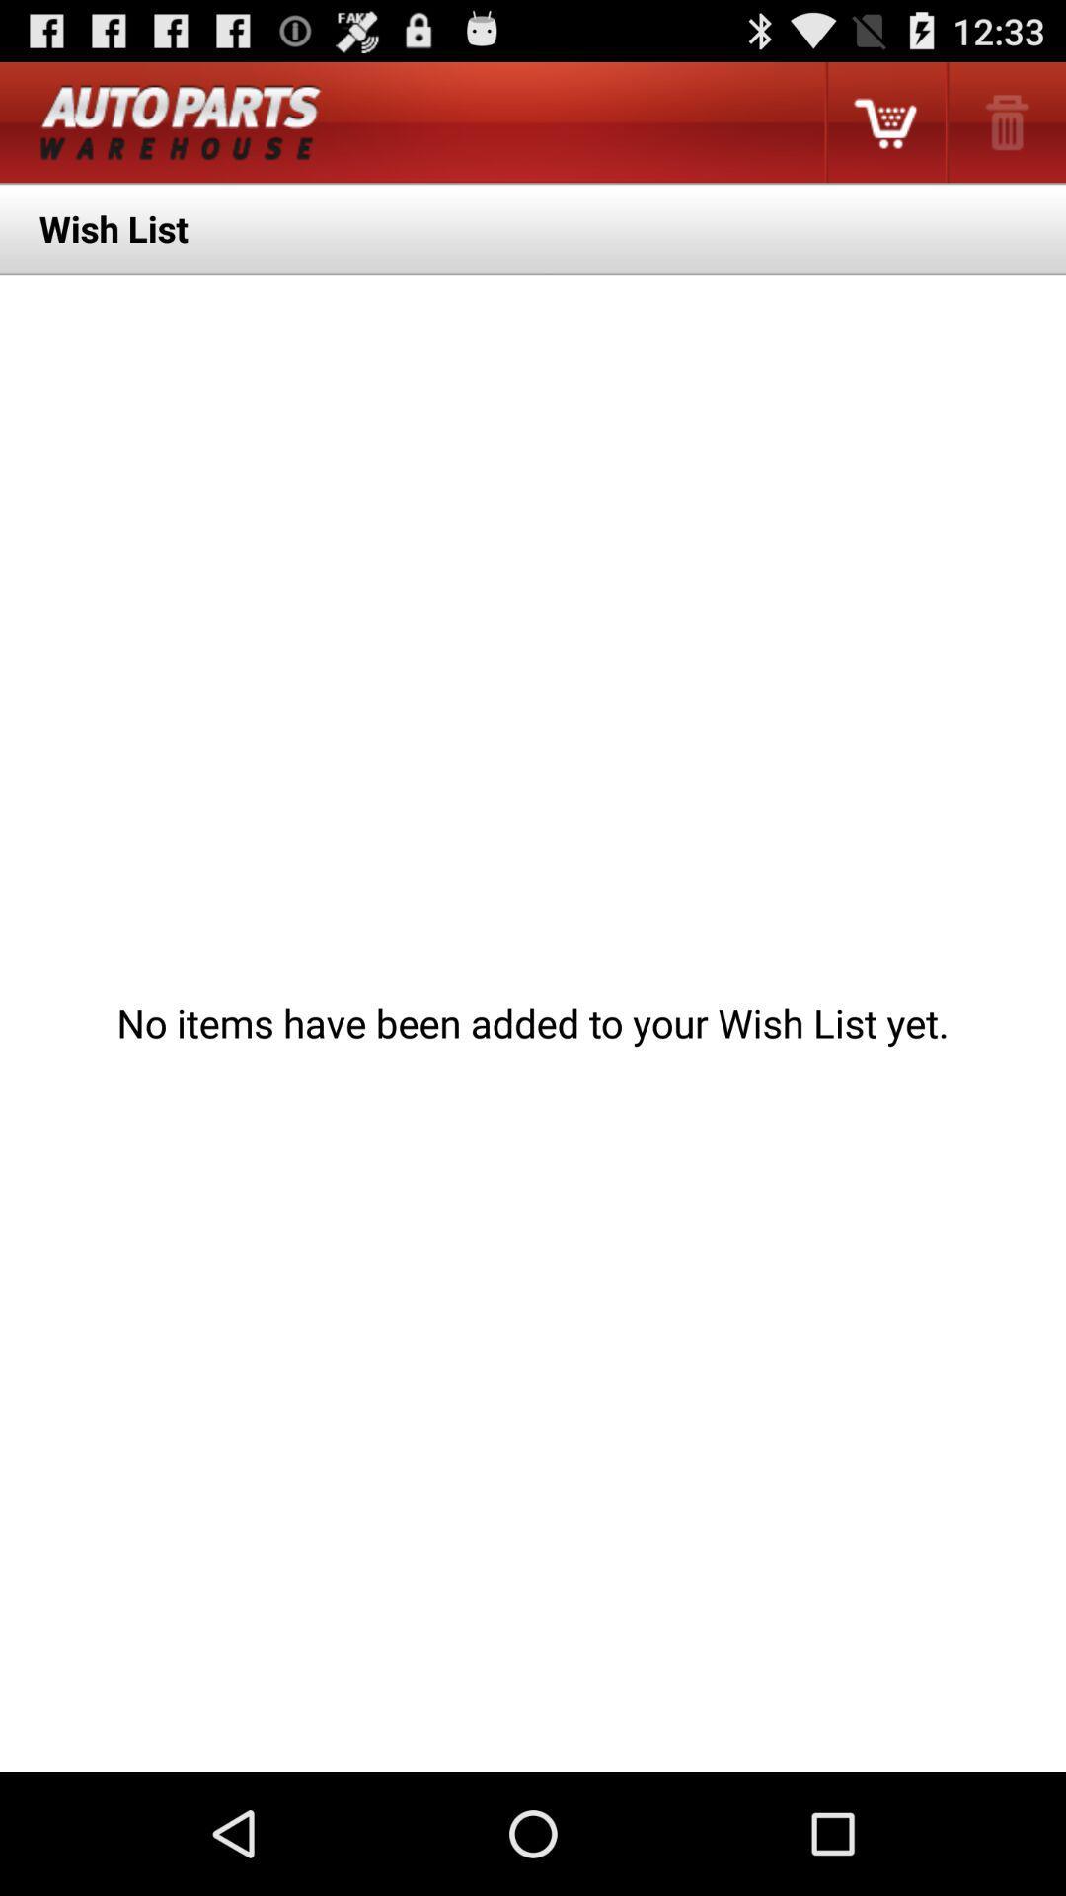  What do you see at coordinates (181, 121) in the screenshot?
I see `icon at the top left corner` at bounding box center [181, 121].